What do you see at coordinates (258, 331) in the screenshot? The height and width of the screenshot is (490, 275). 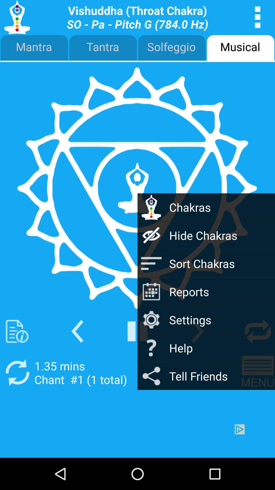 I see `refresh` at bounding box center [258, 331].